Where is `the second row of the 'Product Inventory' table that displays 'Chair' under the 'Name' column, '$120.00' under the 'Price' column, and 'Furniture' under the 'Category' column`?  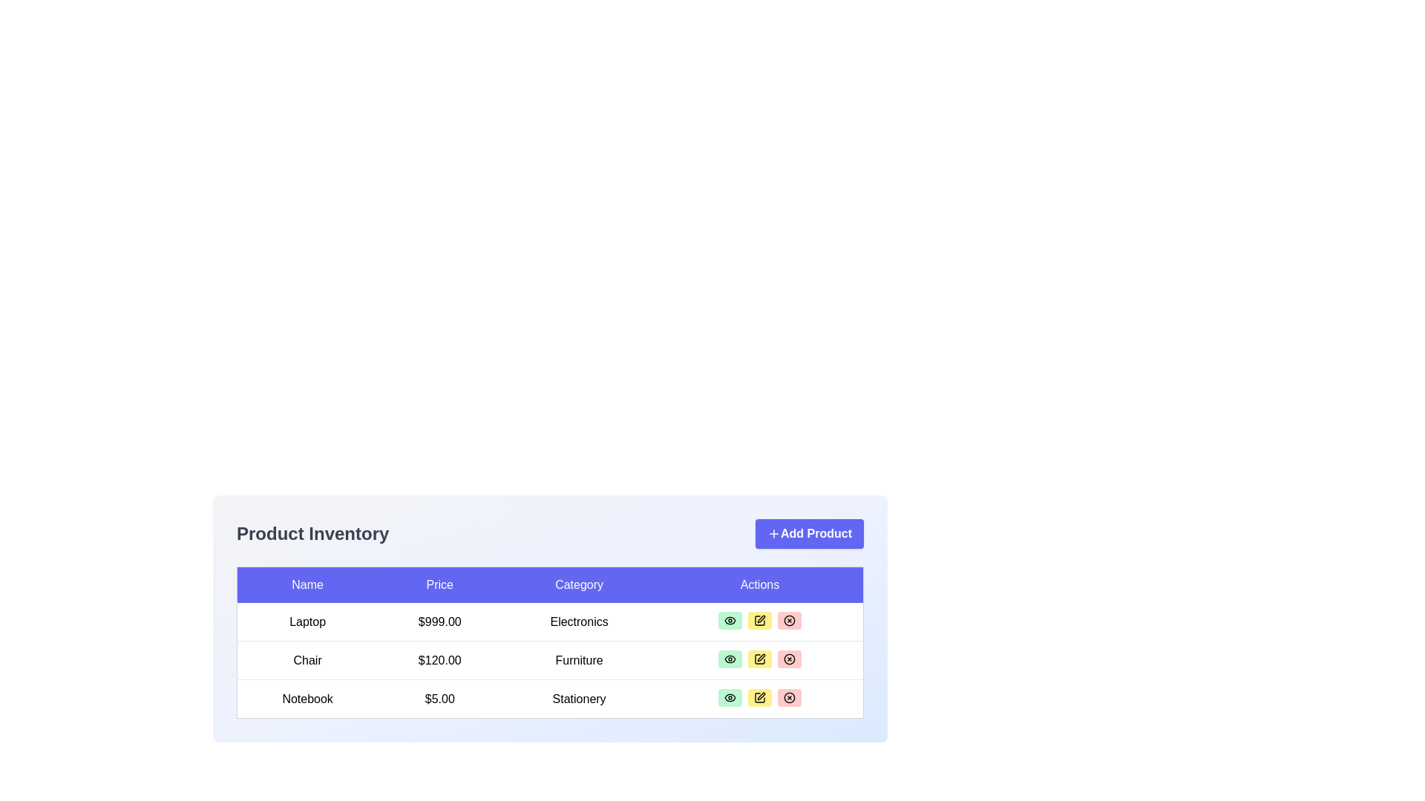
the second row of the 'Product Inventory' table that displays 'Chair' under the 'Name' column, '$120.00' under the 'Price' column, and 'Furniture' under the 'Category' column is located at coordinates (549, 659).